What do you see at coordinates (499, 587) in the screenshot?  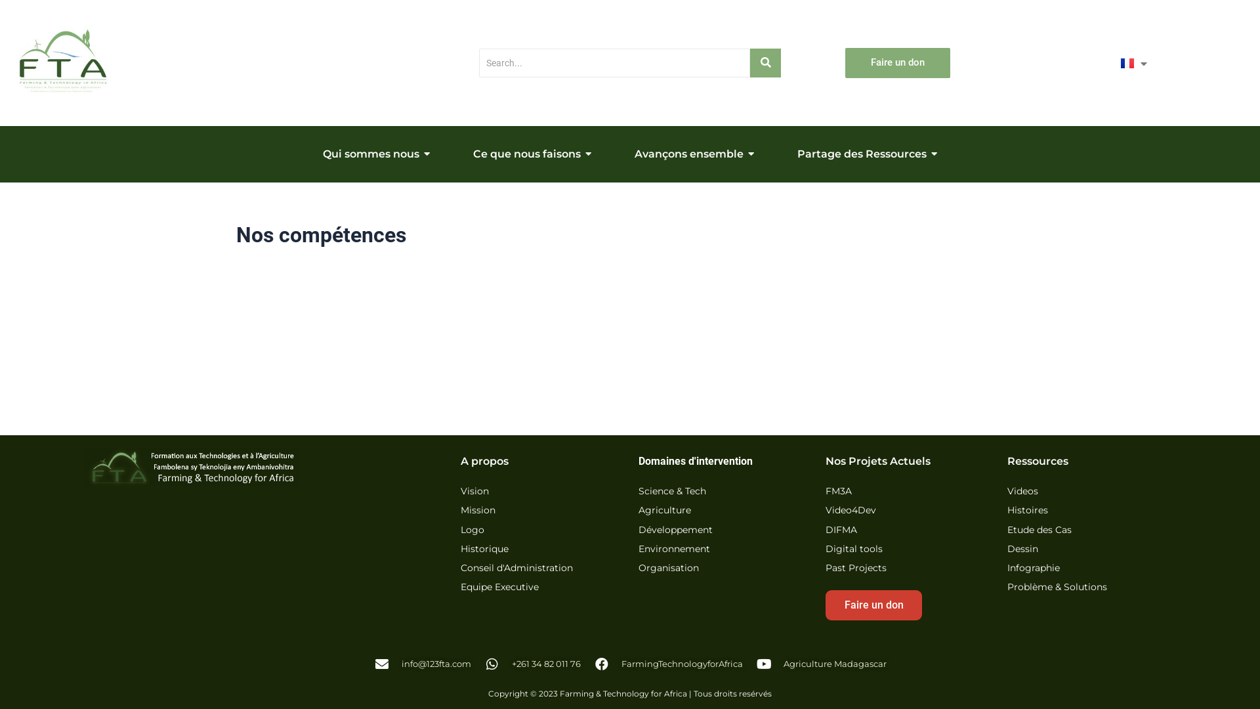 I see `'Equipe Executive'` at bounding box center [499, 587].